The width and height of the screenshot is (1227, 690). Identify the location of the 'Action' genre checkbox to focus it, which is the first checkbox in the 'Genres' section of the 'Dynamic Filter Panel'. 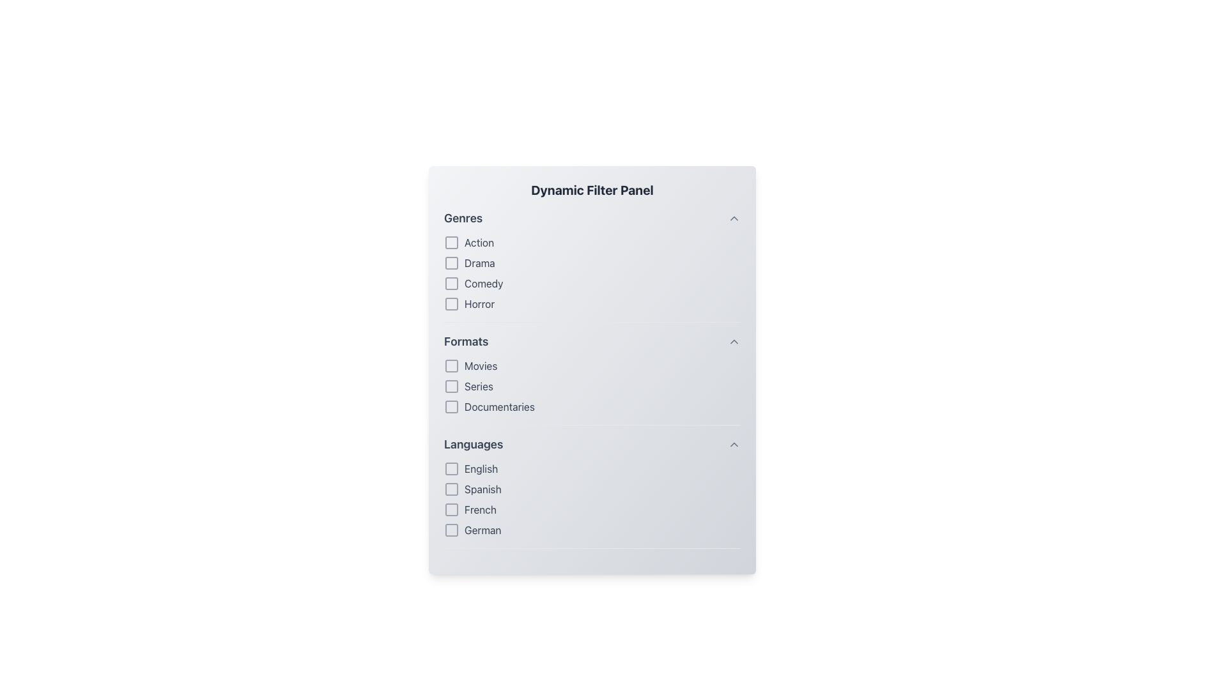
(451, 243).